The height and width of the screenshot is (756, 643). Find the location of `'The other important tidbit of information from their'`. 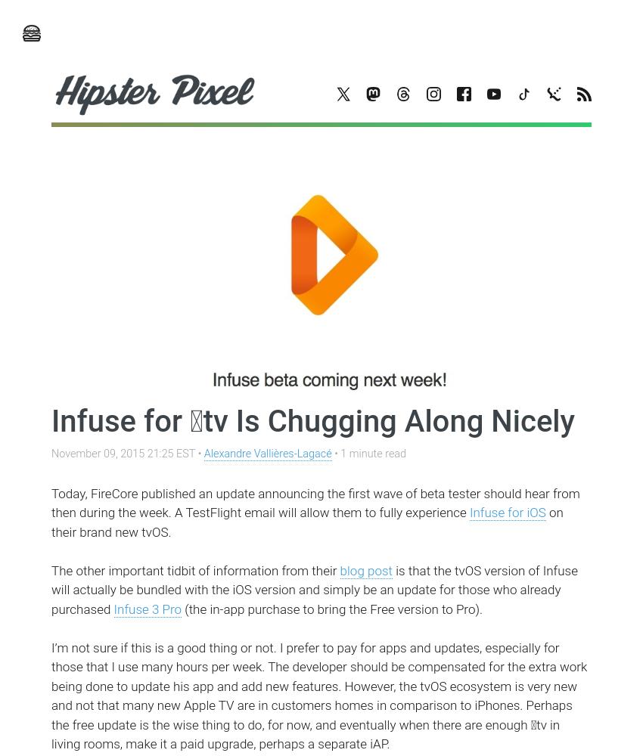

'The other important tidbit of information from their' is located at coordinates (194, 570).